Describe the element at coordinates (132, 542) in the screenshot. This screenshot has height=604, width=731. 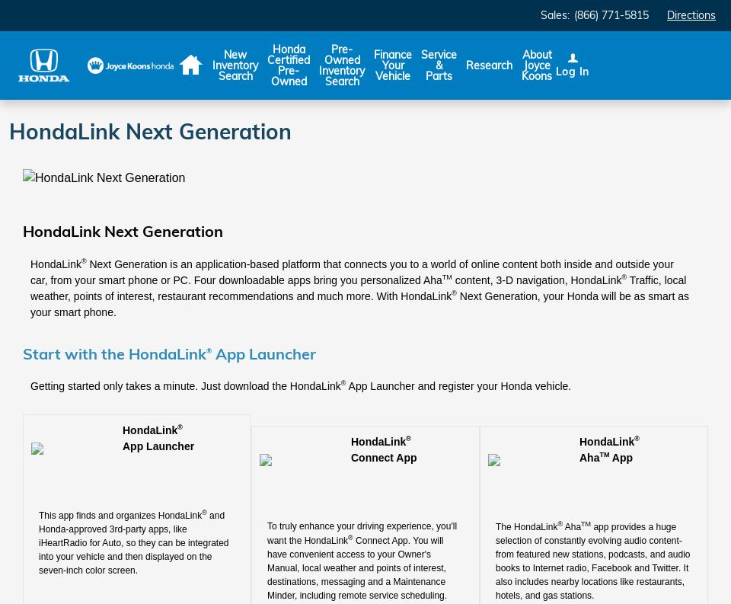
I see `'and Honda-approved 3rd-party apps, like iHeartRadio for Auto, so they can be integrated into your vehicle and then displayed on the seven-inch color screen.'` at that location.